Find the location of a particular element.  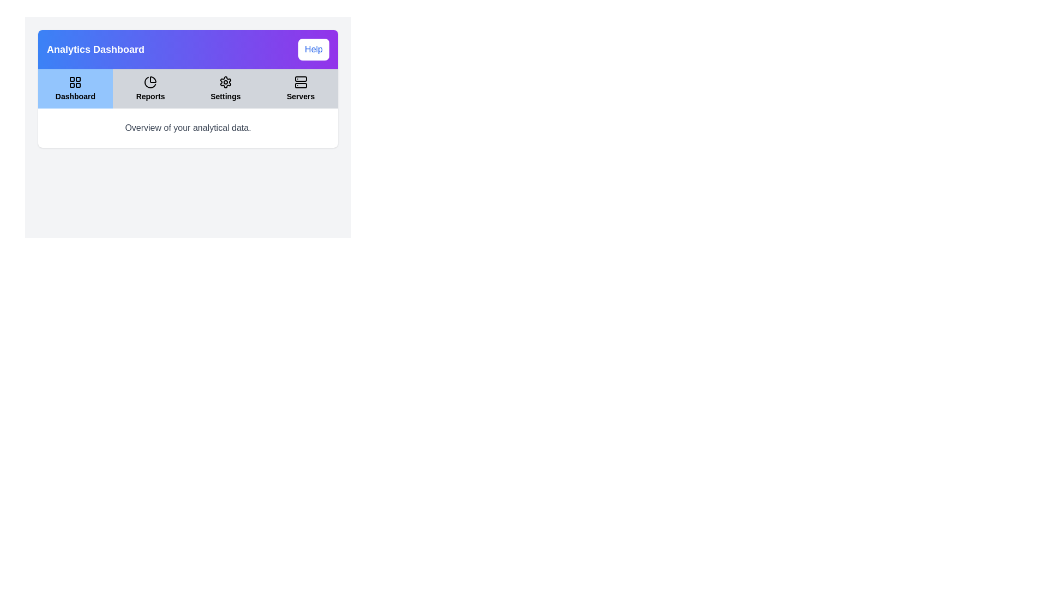

text label displaying 'Servers', which is the fourth item in the horizontal navigation bar, located to the right of the 'Settings' label is located at coordinates (300, 96).